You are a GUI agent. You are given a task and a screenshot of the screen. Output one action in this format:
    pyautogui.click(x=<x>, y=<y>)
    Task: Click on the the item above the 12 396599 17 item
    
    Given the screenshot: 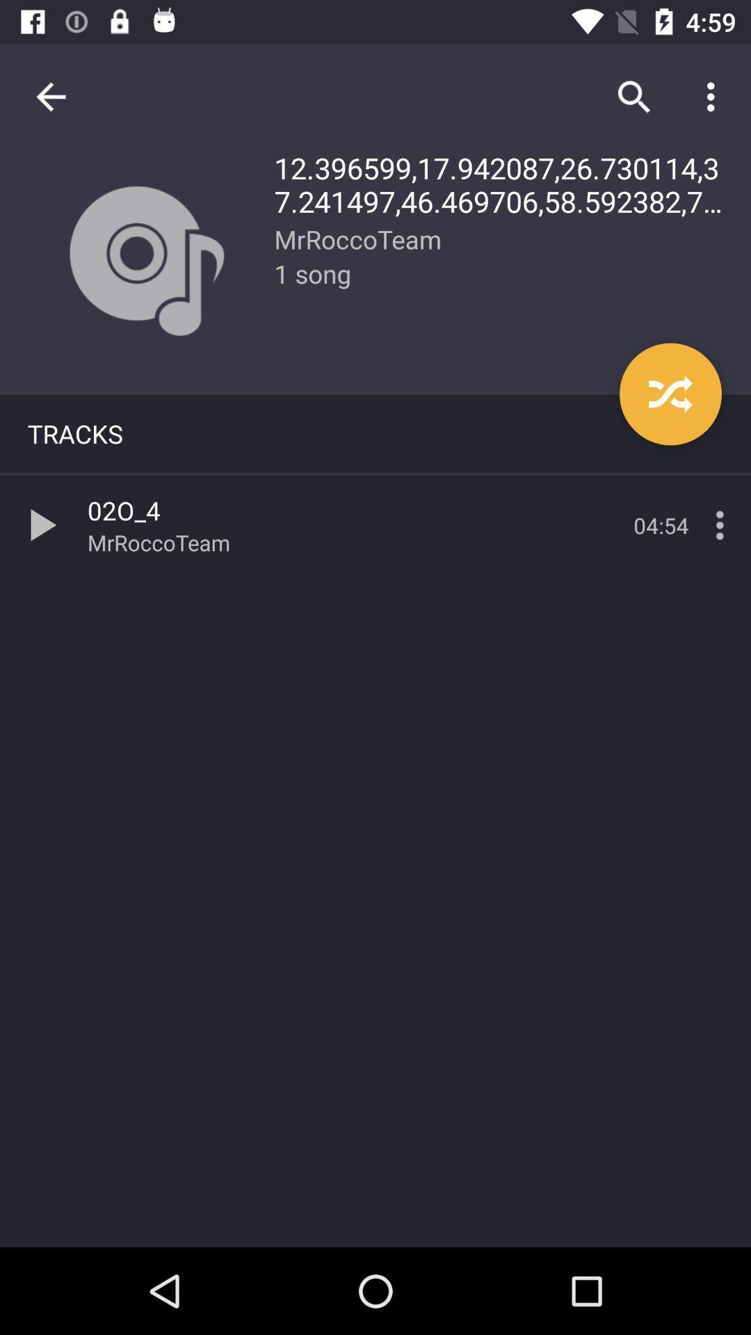 What is the action you would take?
    pyautogui.click(x=714, y=96)
    